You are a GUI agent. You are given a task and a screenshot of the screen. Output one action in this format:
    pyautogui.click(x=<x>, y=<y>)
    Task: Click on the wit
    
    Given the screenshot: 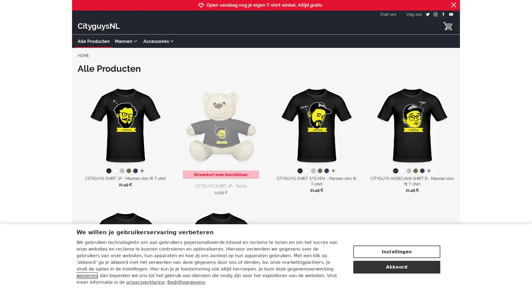 What is the action you would take?
    pyautogui.click(x=306, y=171)
    